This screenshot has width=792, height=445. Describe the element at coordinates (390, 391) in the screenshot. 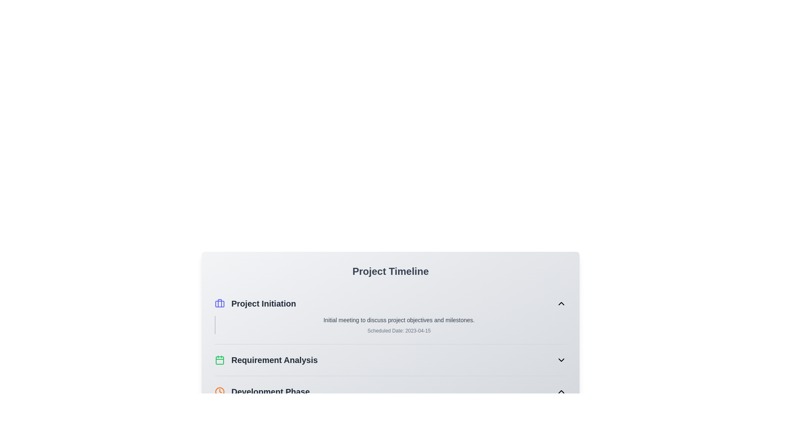

I see `the 'Development Phase' Collapsible Header` at that location.